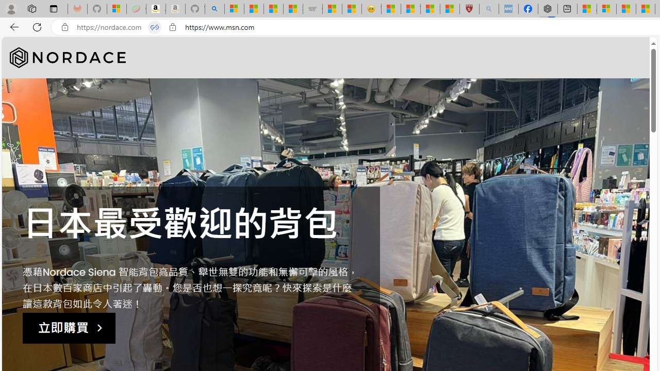  Describe the element at coordinates (469, 9) in the screenshot. I see `'Robert H. Shmerling, MD - Harvard Health'` at that location.